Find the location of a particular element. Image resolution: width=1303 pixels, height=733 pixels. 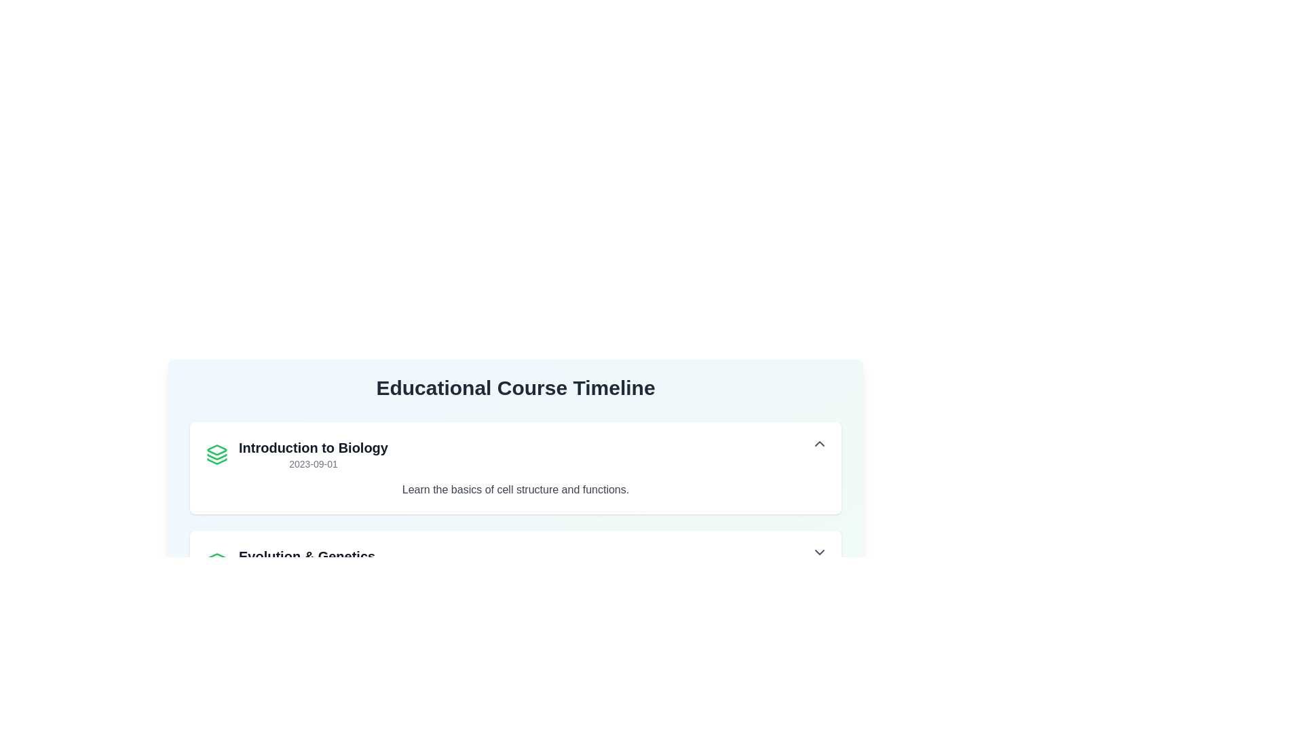

the text label indicating the date associated with the 'Introduction to Biology' course, located beneath the course title in the 'Educational Course Timeline' is located at coordinates (312, 463).